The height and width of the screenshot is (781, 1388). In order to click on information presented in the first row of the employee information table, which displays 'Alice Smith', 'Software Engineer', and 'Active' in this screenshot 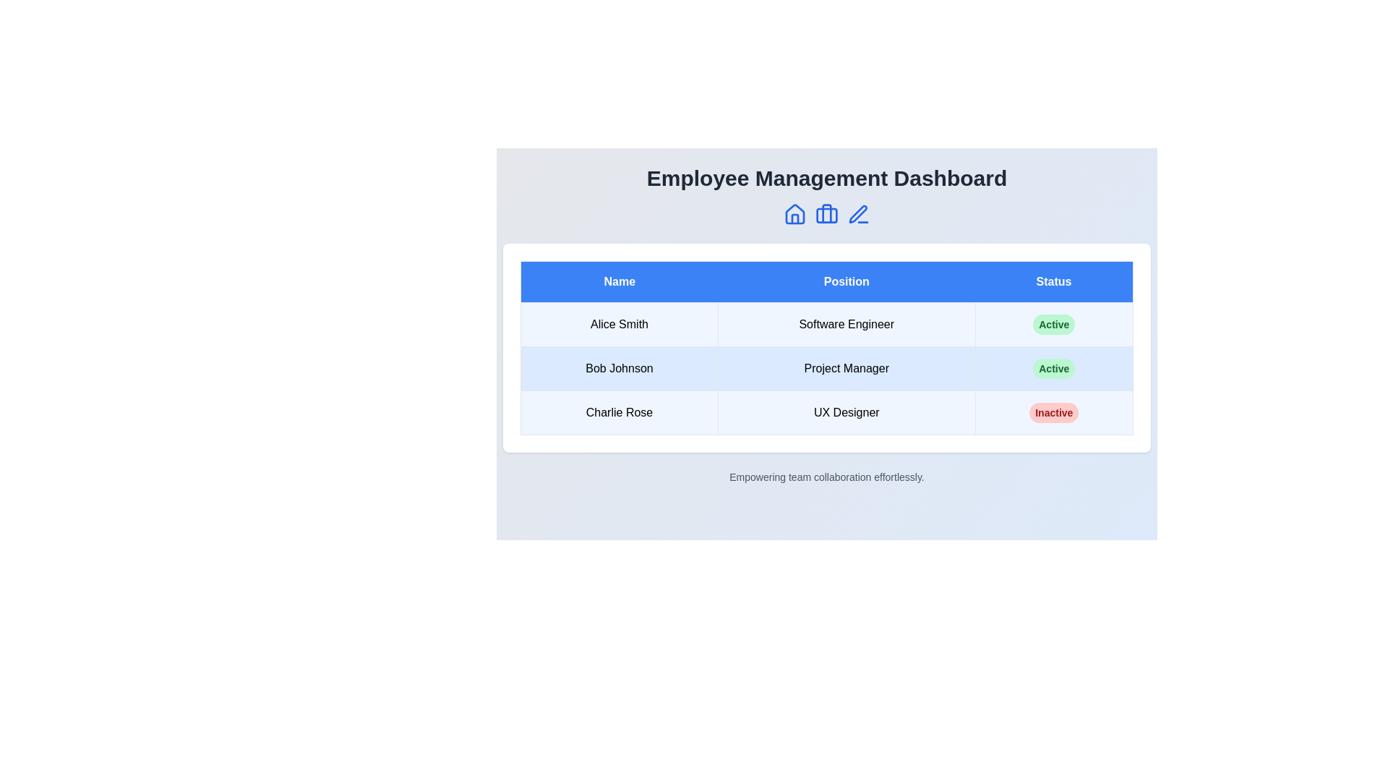, I will do `click(826, 323)`.